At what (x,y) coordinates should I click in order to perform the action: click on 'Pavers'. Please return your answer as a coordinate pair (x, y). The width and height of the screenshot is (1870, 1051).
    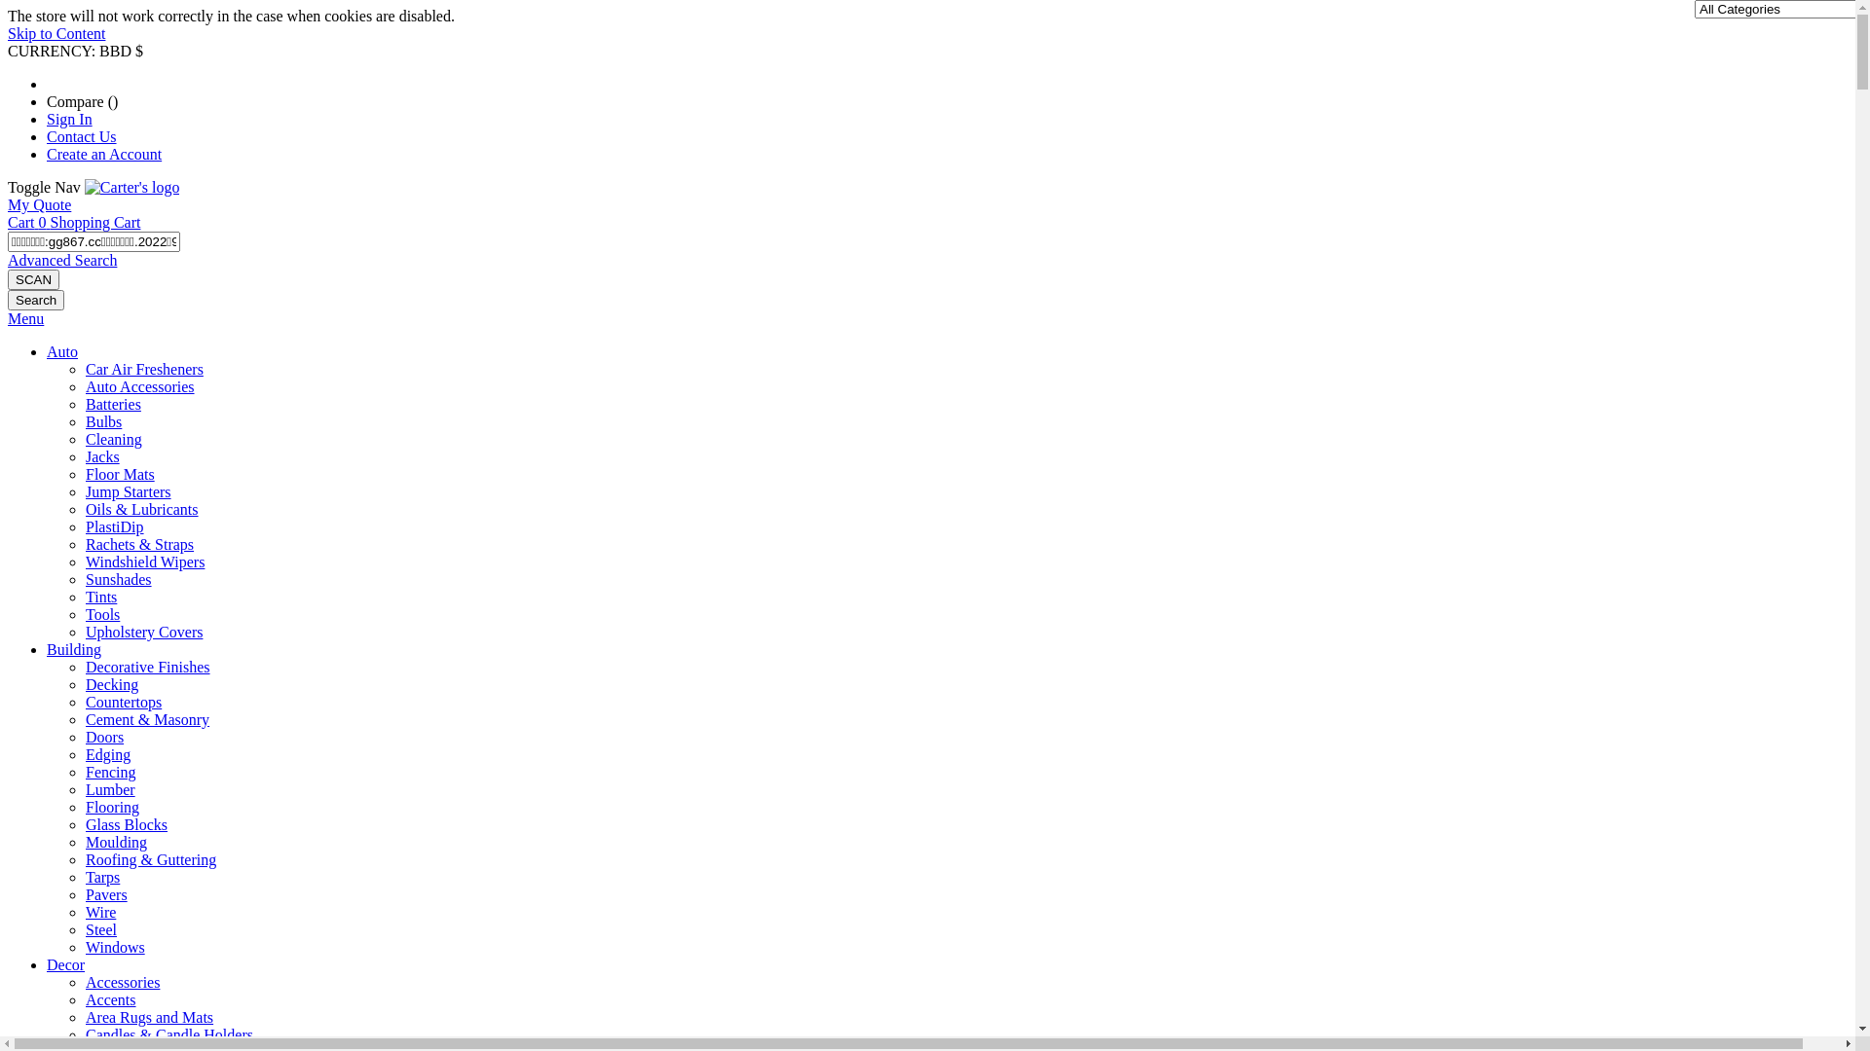
    Looking at the image, I should click on (105, 894).